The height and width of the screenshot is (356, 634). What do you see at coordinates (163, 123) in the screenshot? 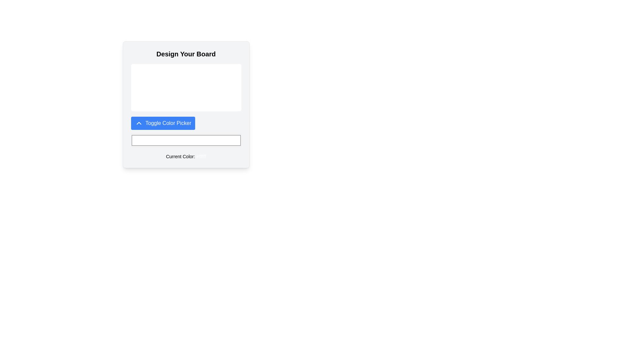
I see `the toggle button positioned above the color picker input field` at bounding box center [163, 123].